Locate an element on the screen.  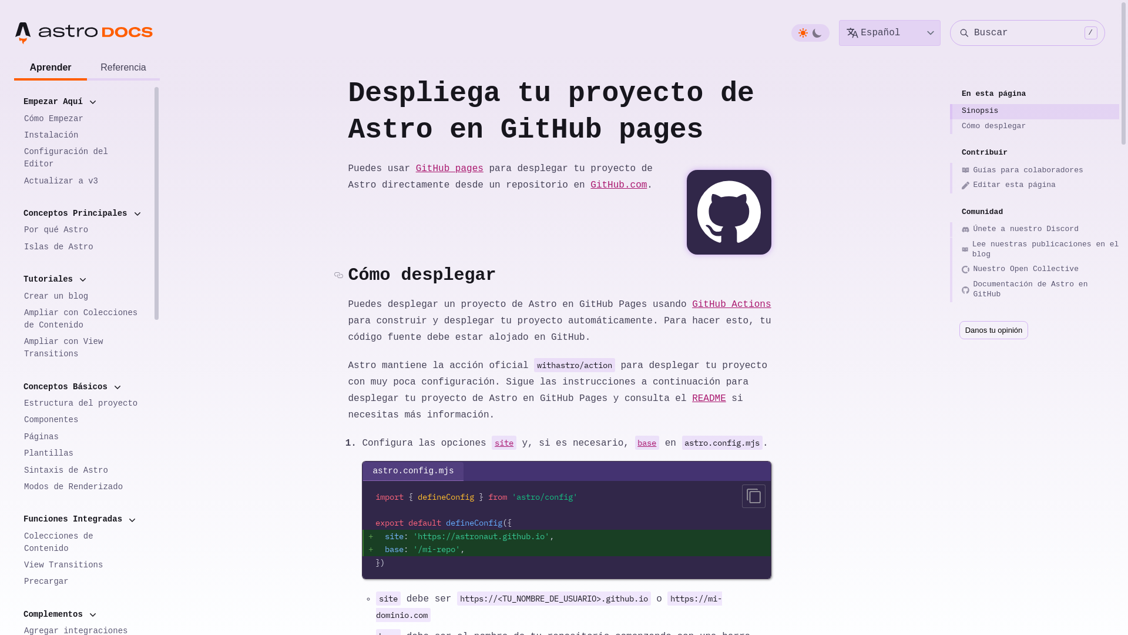
'Buscar is located at coordinates (1026, 32).